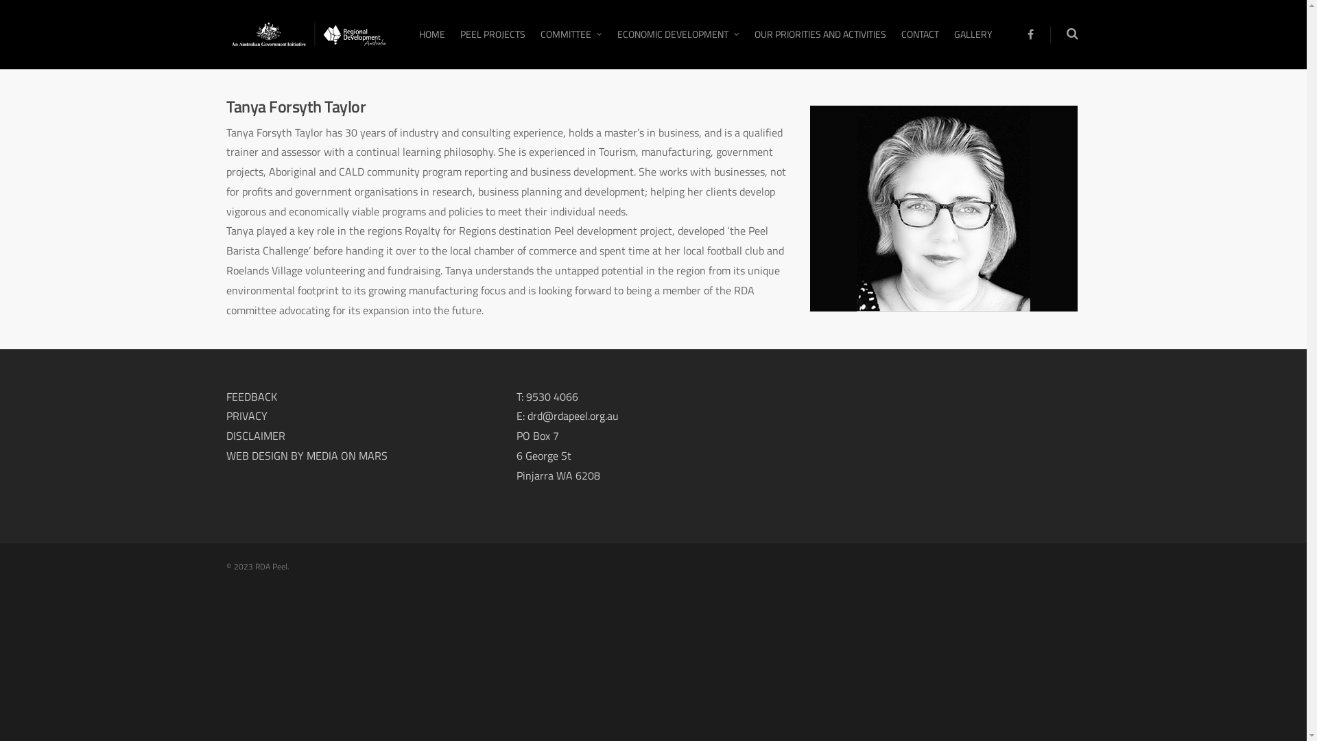 The width and height of the screenshot is (1317, 741). What do you see at coordinates (573, 414) in the screenshot?
I see `'drd@rdapeel.org.au'` at bounding box center [573, 414].